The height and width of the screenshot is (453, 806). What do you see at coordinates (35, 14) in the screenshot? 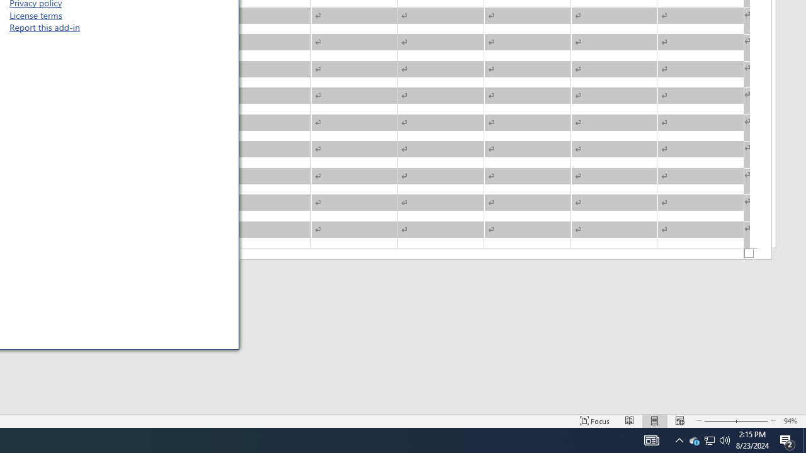
I see `'License terms'` at bounding box center [35, 14].